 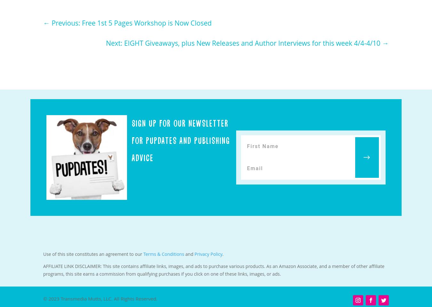 What do you see at coordinates (181, 140) in the screenshot?
I see `'Sign up for our newsletter for pupdates and publishing advice'` at bounding box center [181, 140].